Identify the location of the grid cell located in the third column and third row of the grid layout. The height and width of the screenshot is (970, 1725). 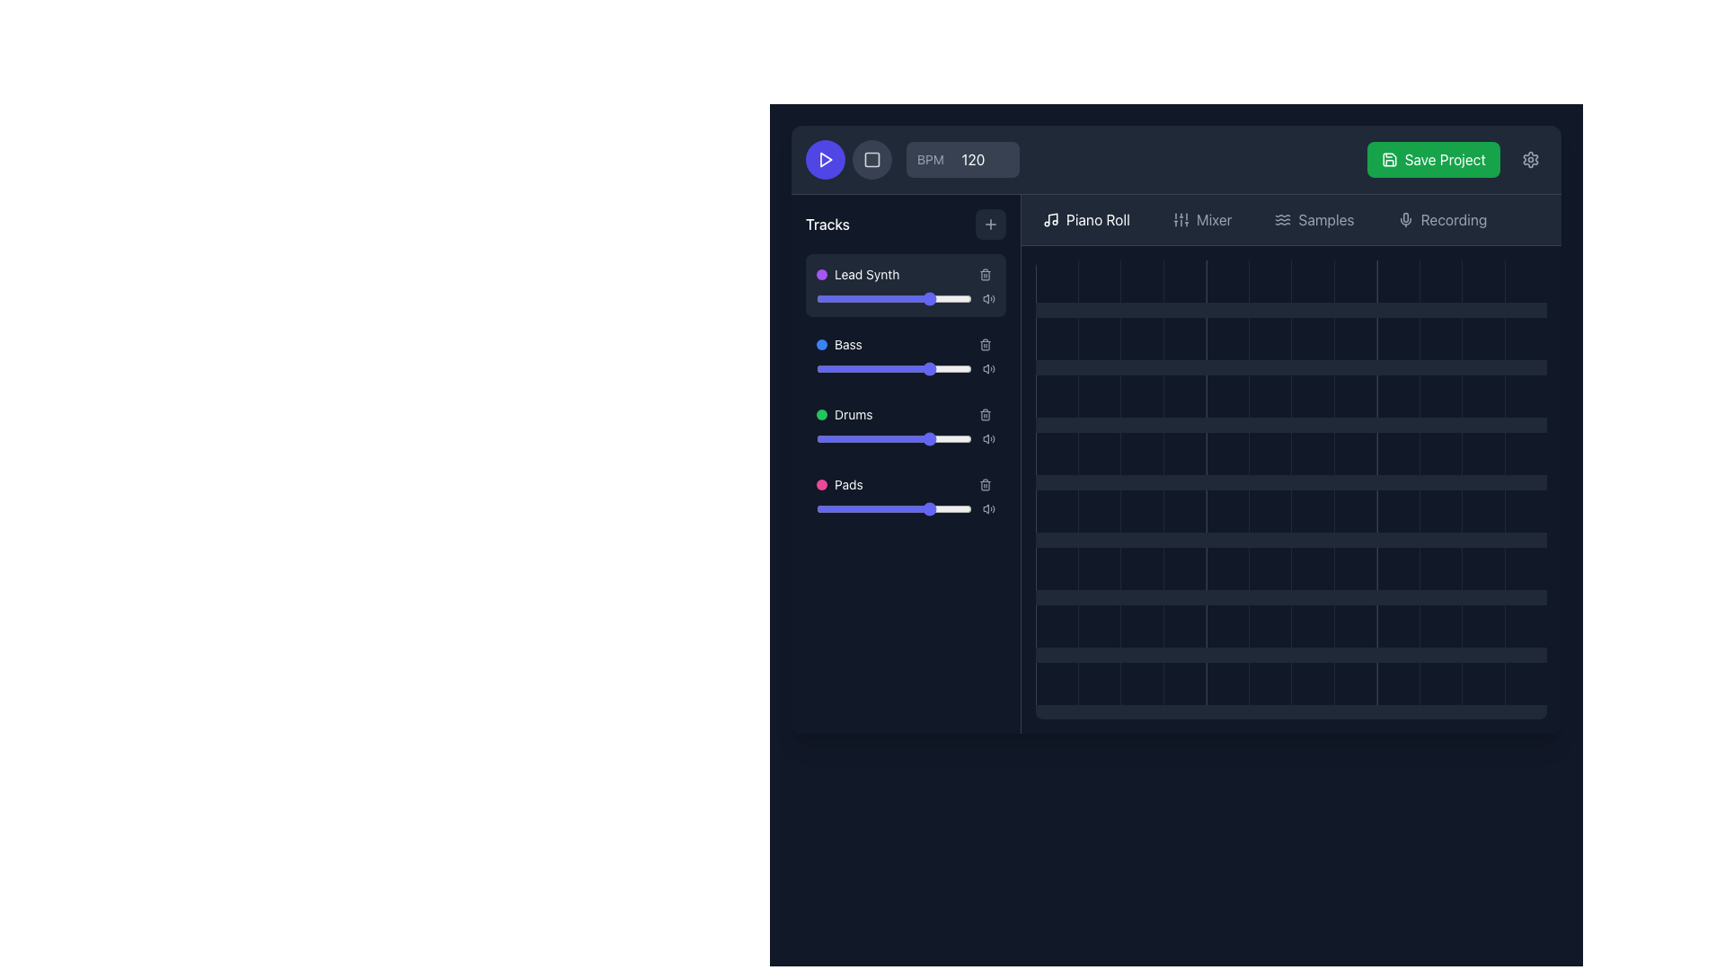
(1141, 395).